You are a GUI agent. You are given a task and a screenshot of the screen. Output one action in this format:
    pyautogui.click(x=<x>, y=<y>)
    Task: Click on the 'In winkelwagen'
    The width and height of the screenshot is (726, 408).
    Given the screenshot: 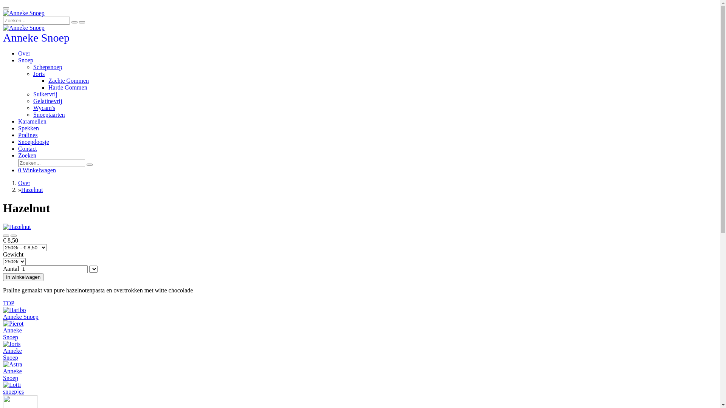 What is the action you would take?
    pyautogui.click(x=23, y=277)
    